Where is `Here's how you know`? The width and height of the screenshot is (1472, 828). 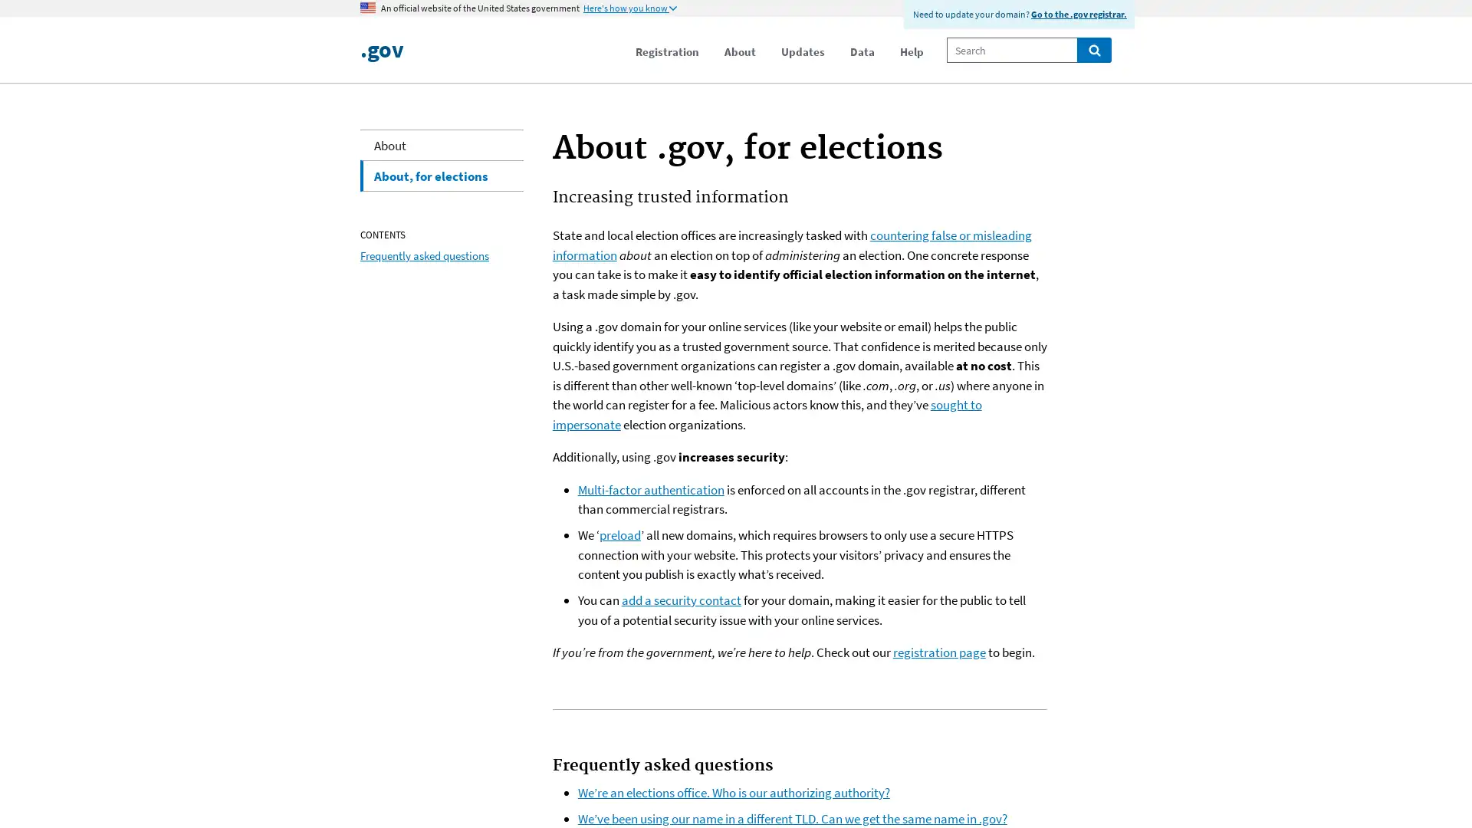
Here's how you know is located at coordinates (629, 8).